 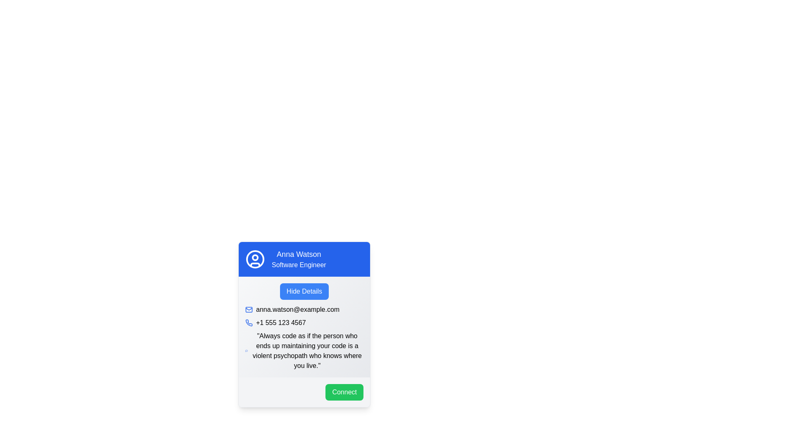 I want to click on the email icon located to the left of the text 'anna.watson@example.com' in the contact information section of the profile card, so click(x=249, y=309).